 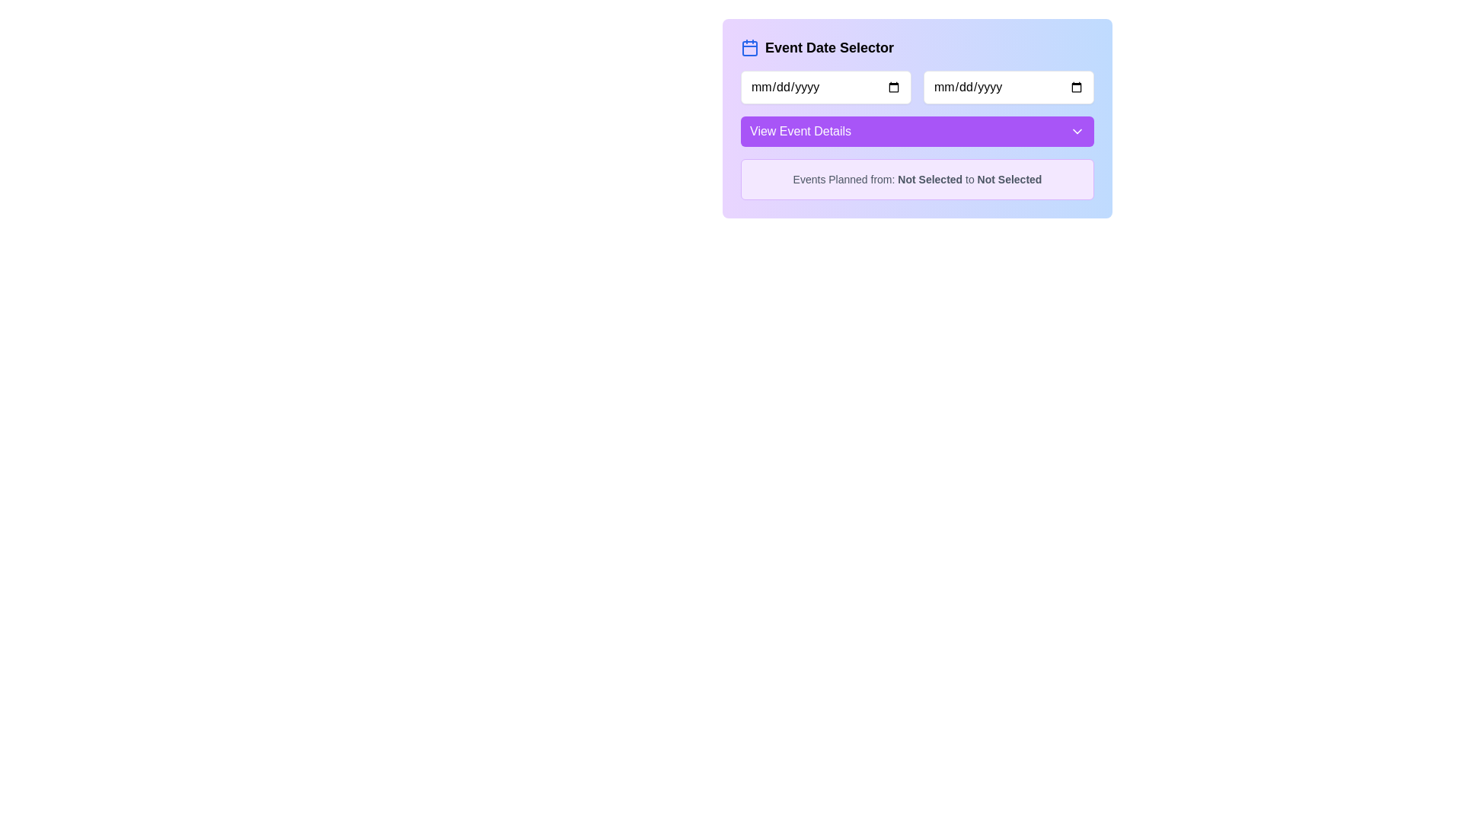 I want to click on the text element that displays the planned events date range status, indicating that no date range has been selected, so click(x=916, y=178).